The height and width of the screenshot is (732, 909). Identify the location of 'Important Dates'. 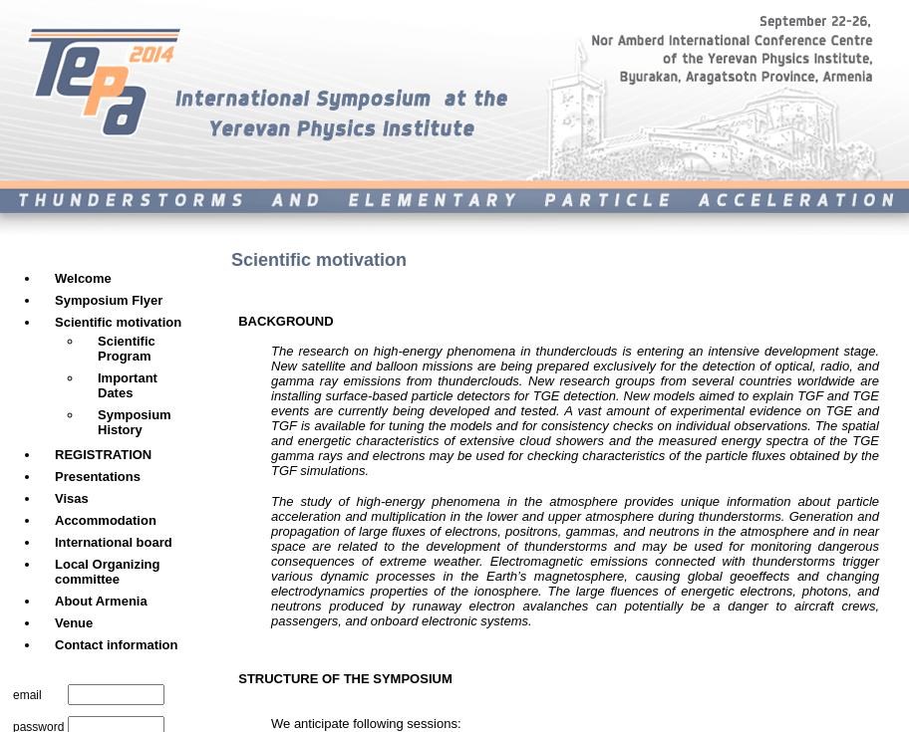
(126, 384).